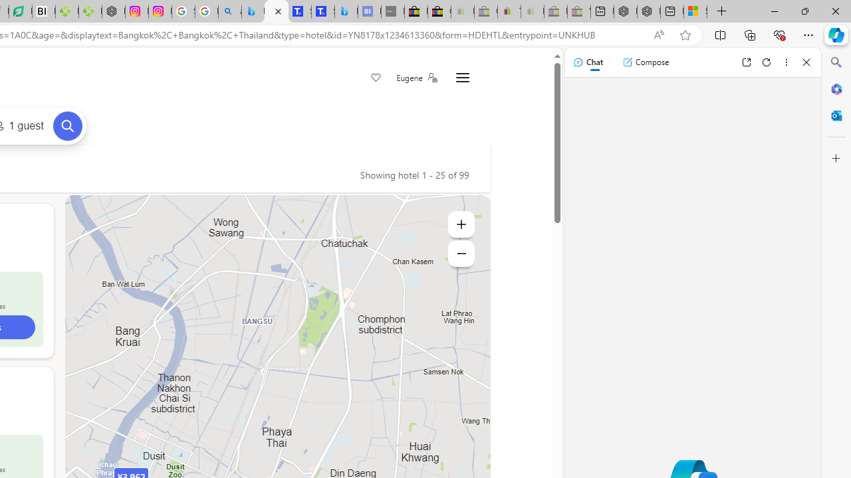  What do you see at coordinates (276, 11) in the screenshot?
I see `'Microsoft Bing Travel - Stays in Bangkok, Bangkok, Thailand'` at bounding box center [276, 11].